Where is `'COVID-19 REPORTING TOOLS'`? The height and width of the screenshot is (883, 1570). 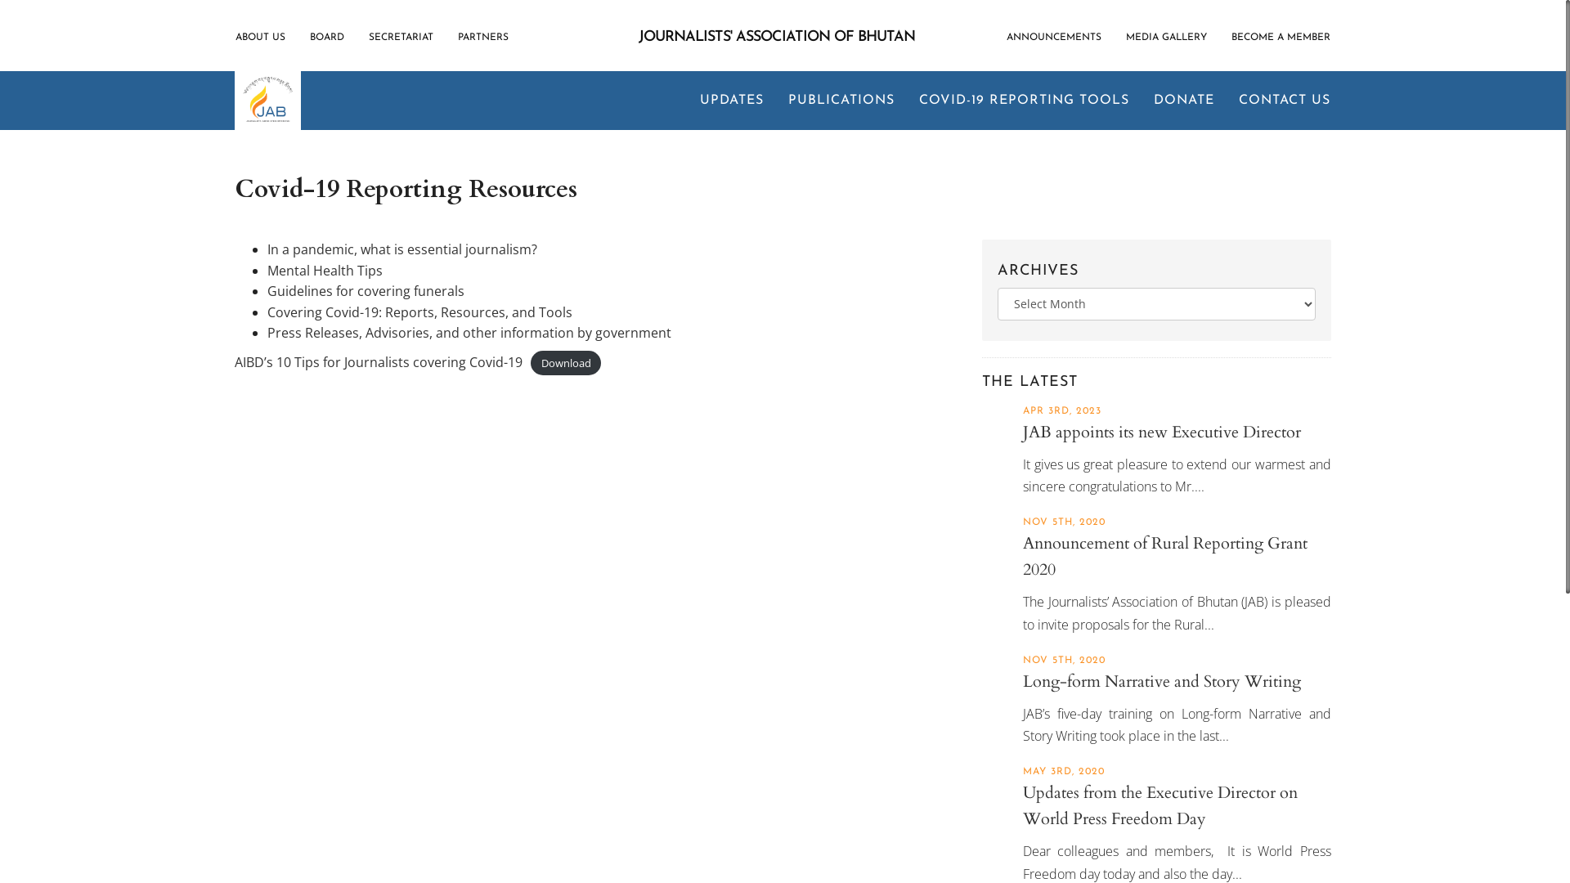 'COVID-19 REPORTING TOOLS' is located at coordinates (1023, 101).